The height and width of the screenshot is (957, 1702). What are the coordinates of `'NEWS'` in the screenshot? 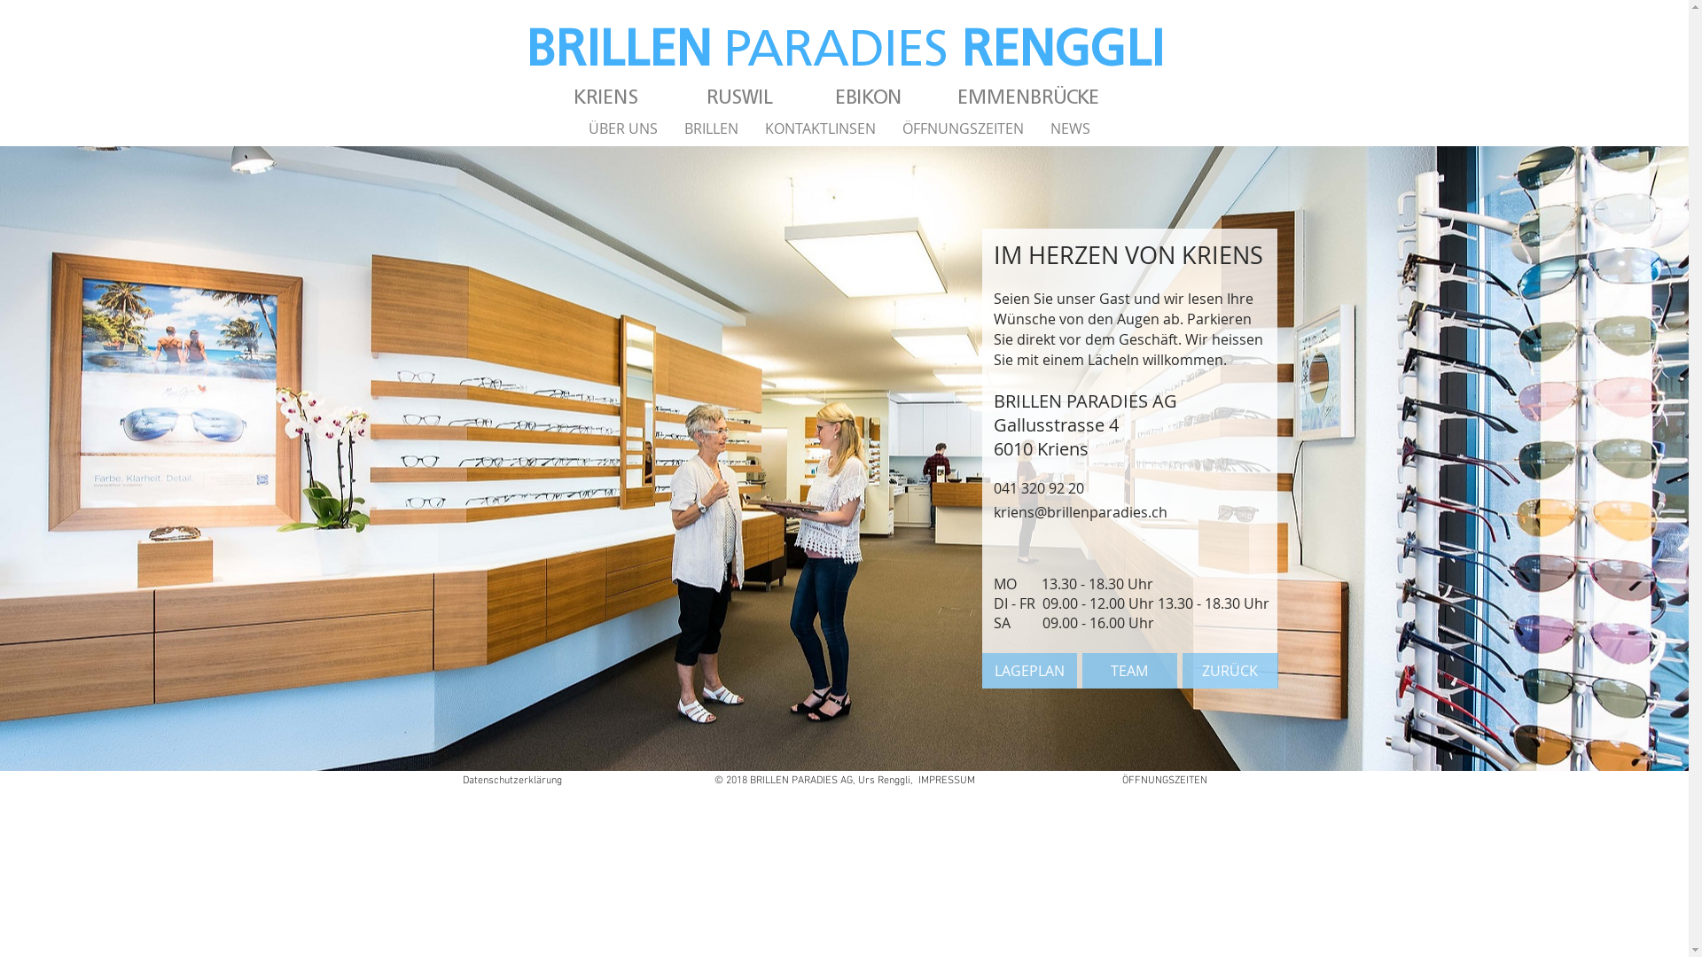 It's located at (1069, 128).